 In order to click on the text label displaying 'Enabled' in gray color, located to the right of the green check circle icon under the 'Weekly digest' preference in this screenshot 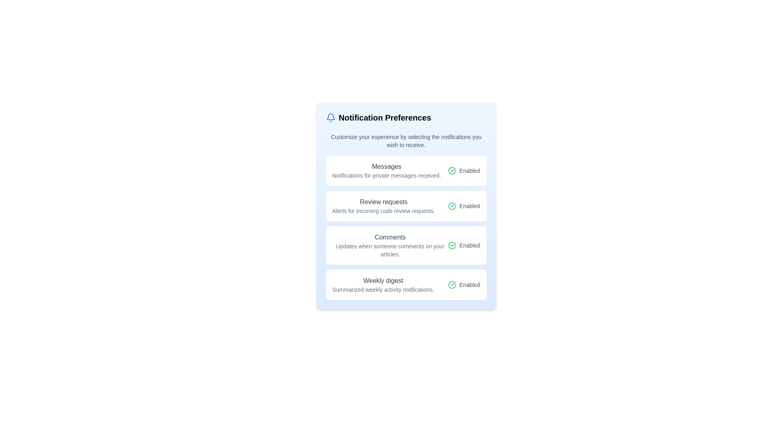, I will do `click(469, 285)`.